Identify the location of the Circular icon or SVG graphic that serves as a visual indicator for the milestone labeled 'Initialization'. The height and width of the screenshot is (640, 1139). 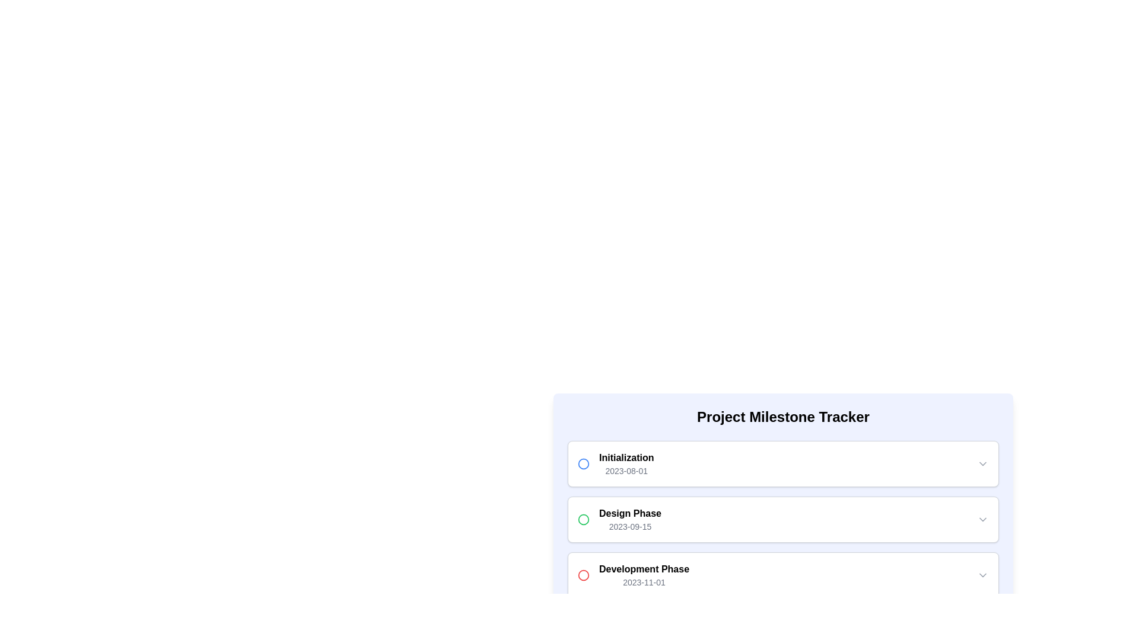
(583, 463).